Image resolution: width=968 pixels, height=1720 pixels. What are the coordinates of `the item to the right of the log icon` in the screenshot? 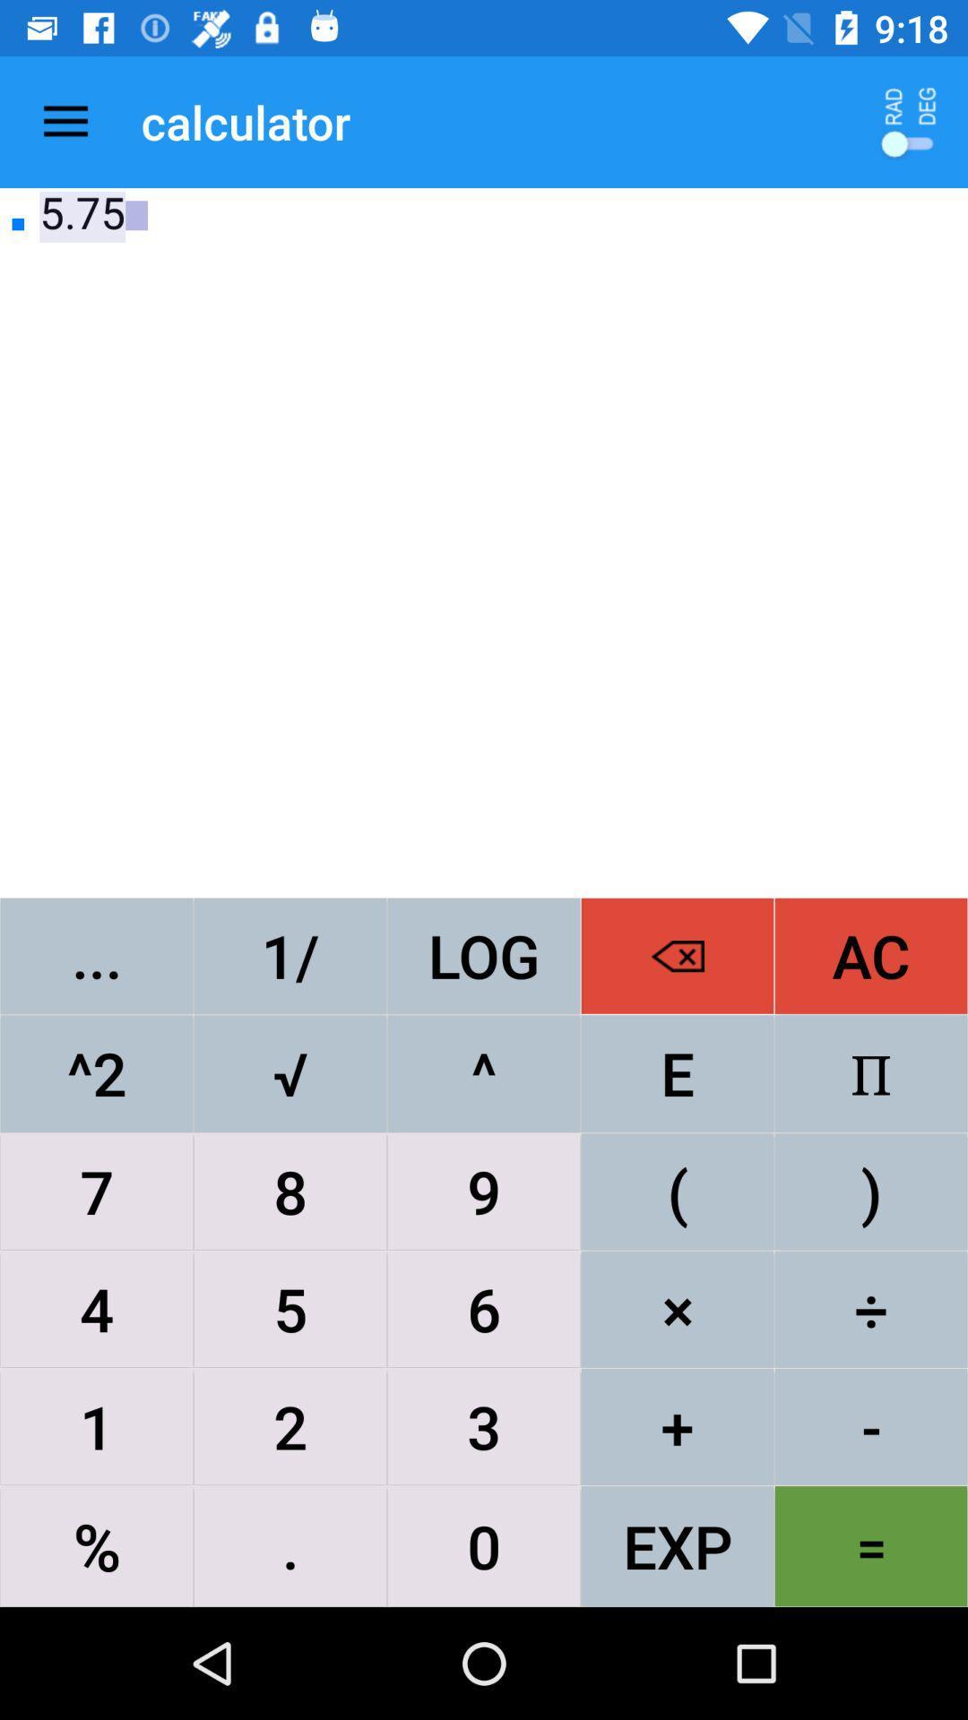 It's located at (678, 955).